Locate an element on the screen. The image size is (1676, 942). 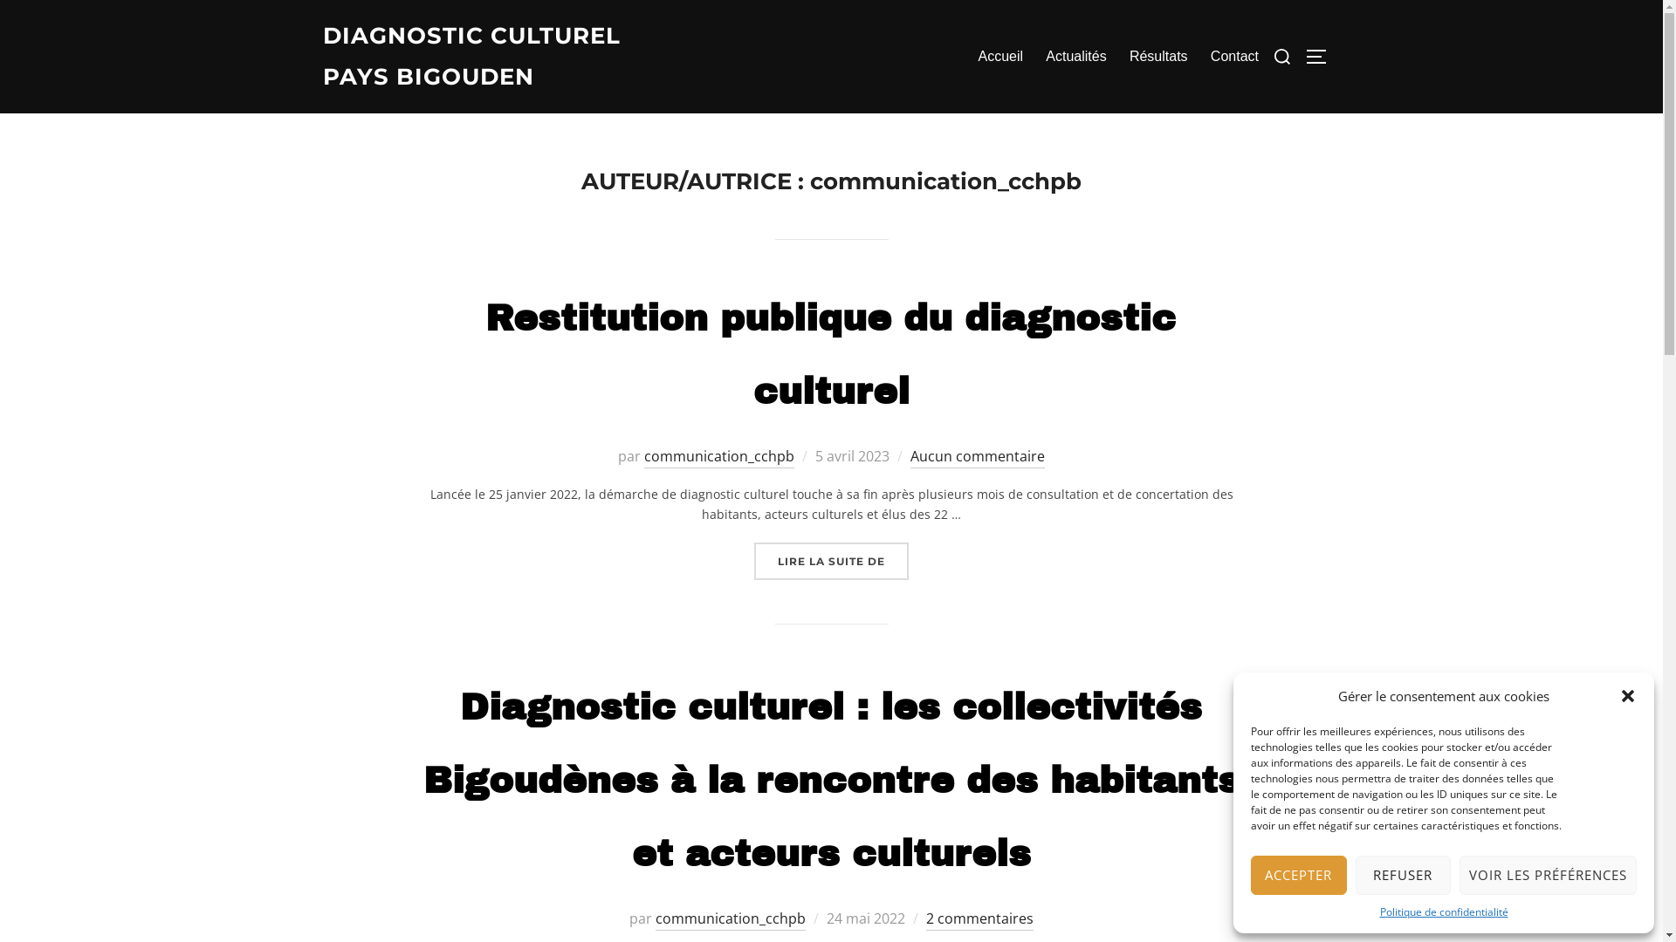
'REFUSER' is located at coordinates (1403, 875).